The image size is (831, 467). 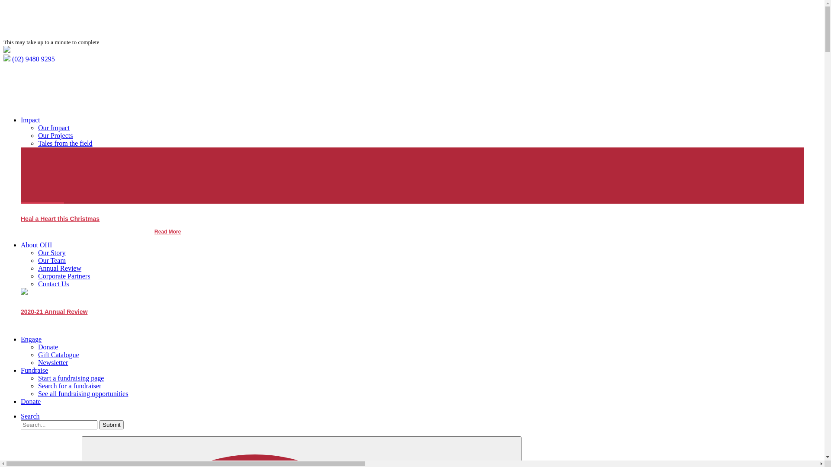 I want to click on 'Donate', so click(x=47, y=346).